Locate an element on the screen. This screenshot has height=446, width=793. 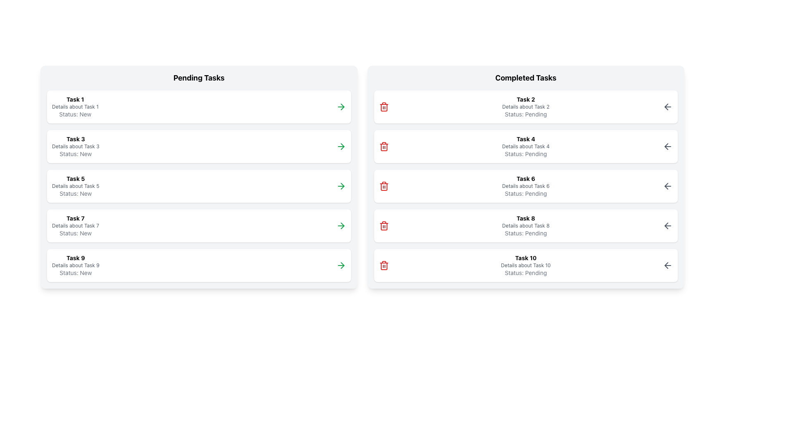
the Text Block displaying 'Task 4' in the 'Completed Tasks' section is located at coordinates (525, 146).